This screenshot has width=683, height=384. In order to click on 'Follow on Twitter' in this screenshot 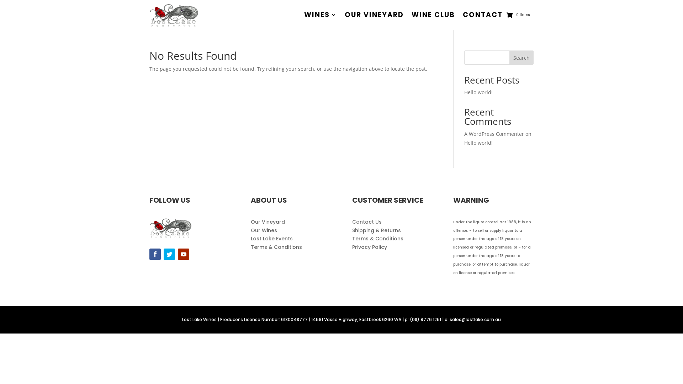, I will do `click(163, 254)`.